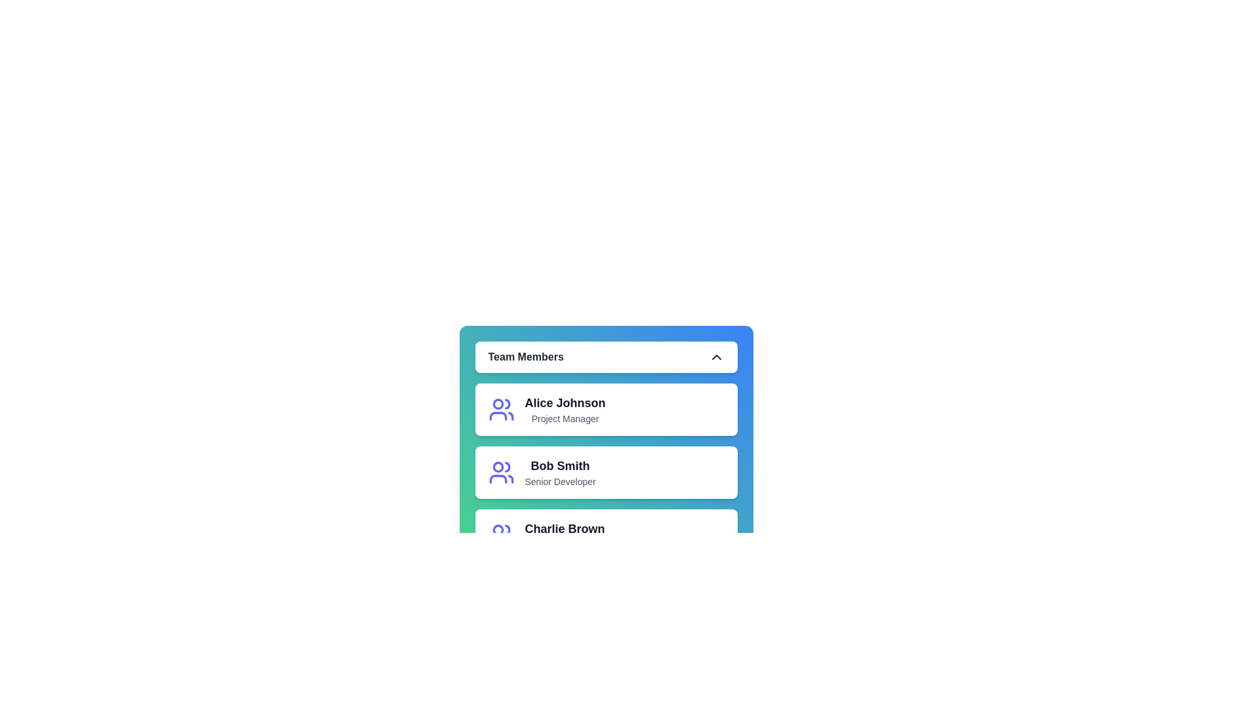 This screenshot has width=1259, height=708. I want to click on the team member card for Alice Johnson, so click(525, 408).